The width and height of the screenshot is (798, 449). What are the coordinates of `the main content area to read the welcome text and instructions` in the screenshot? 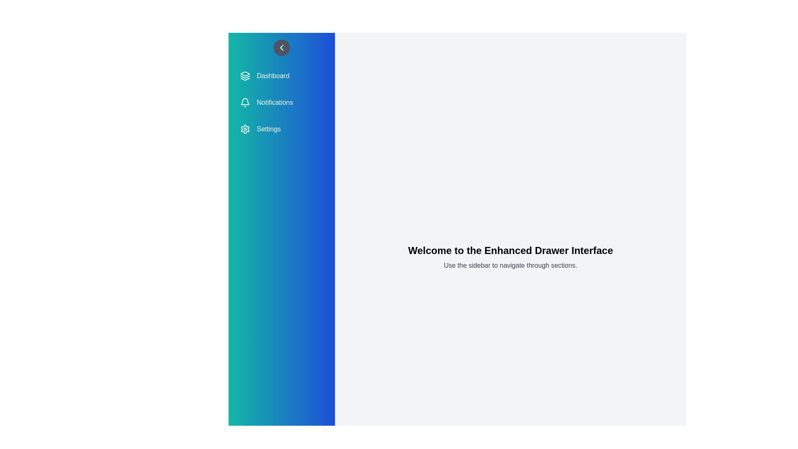 It's located at (510, 257).